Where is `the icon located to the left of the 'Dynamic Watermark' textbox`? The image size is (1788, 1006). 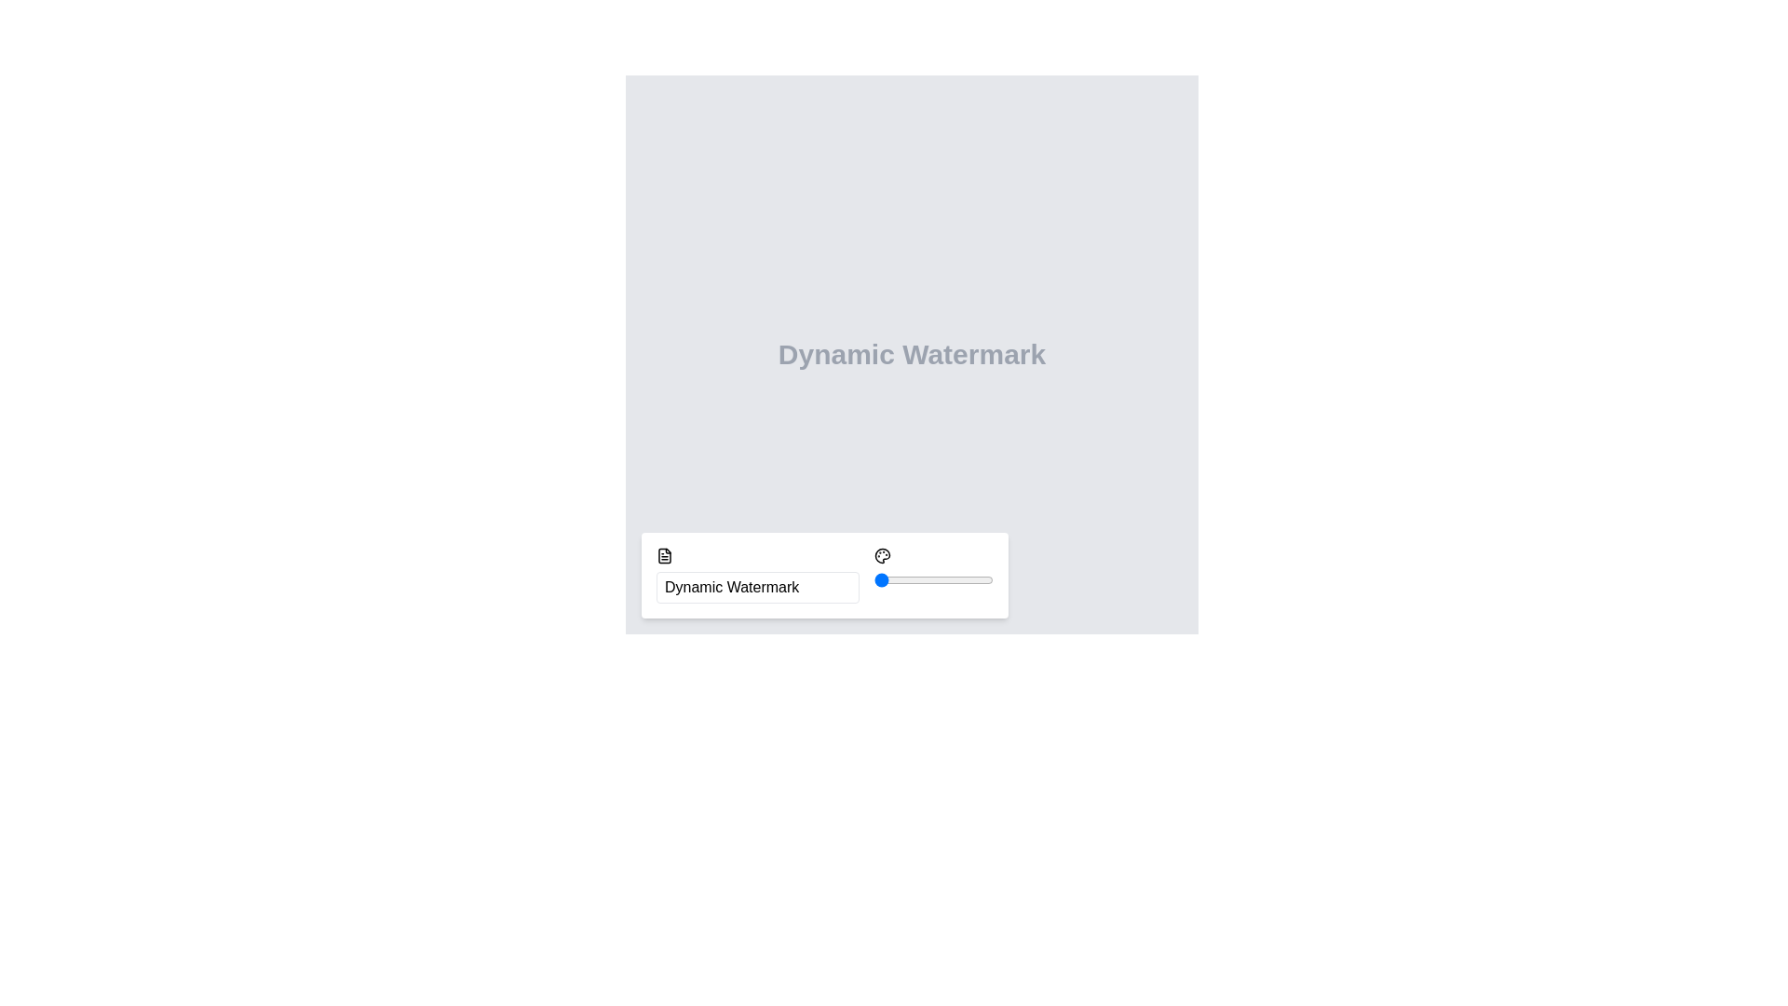
the icon located to the left of the 'Dynamic Watermark' textbox is located at coordinates (665, 555).